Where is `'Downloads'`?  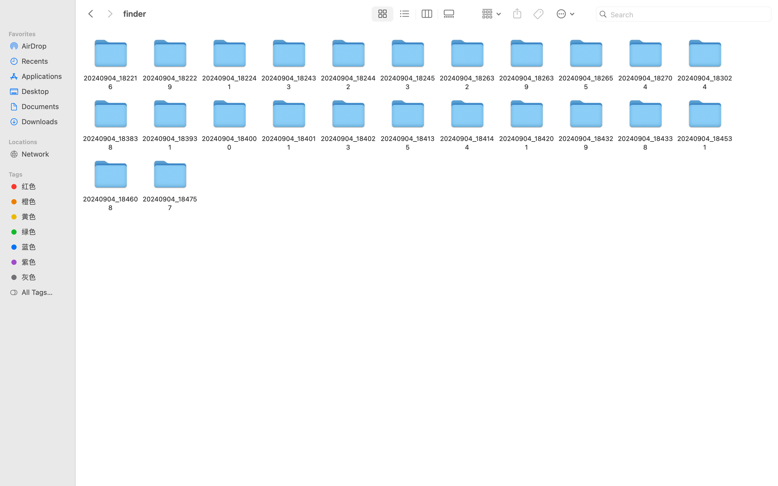
'Downloads' is located at coordinates (43, 122).